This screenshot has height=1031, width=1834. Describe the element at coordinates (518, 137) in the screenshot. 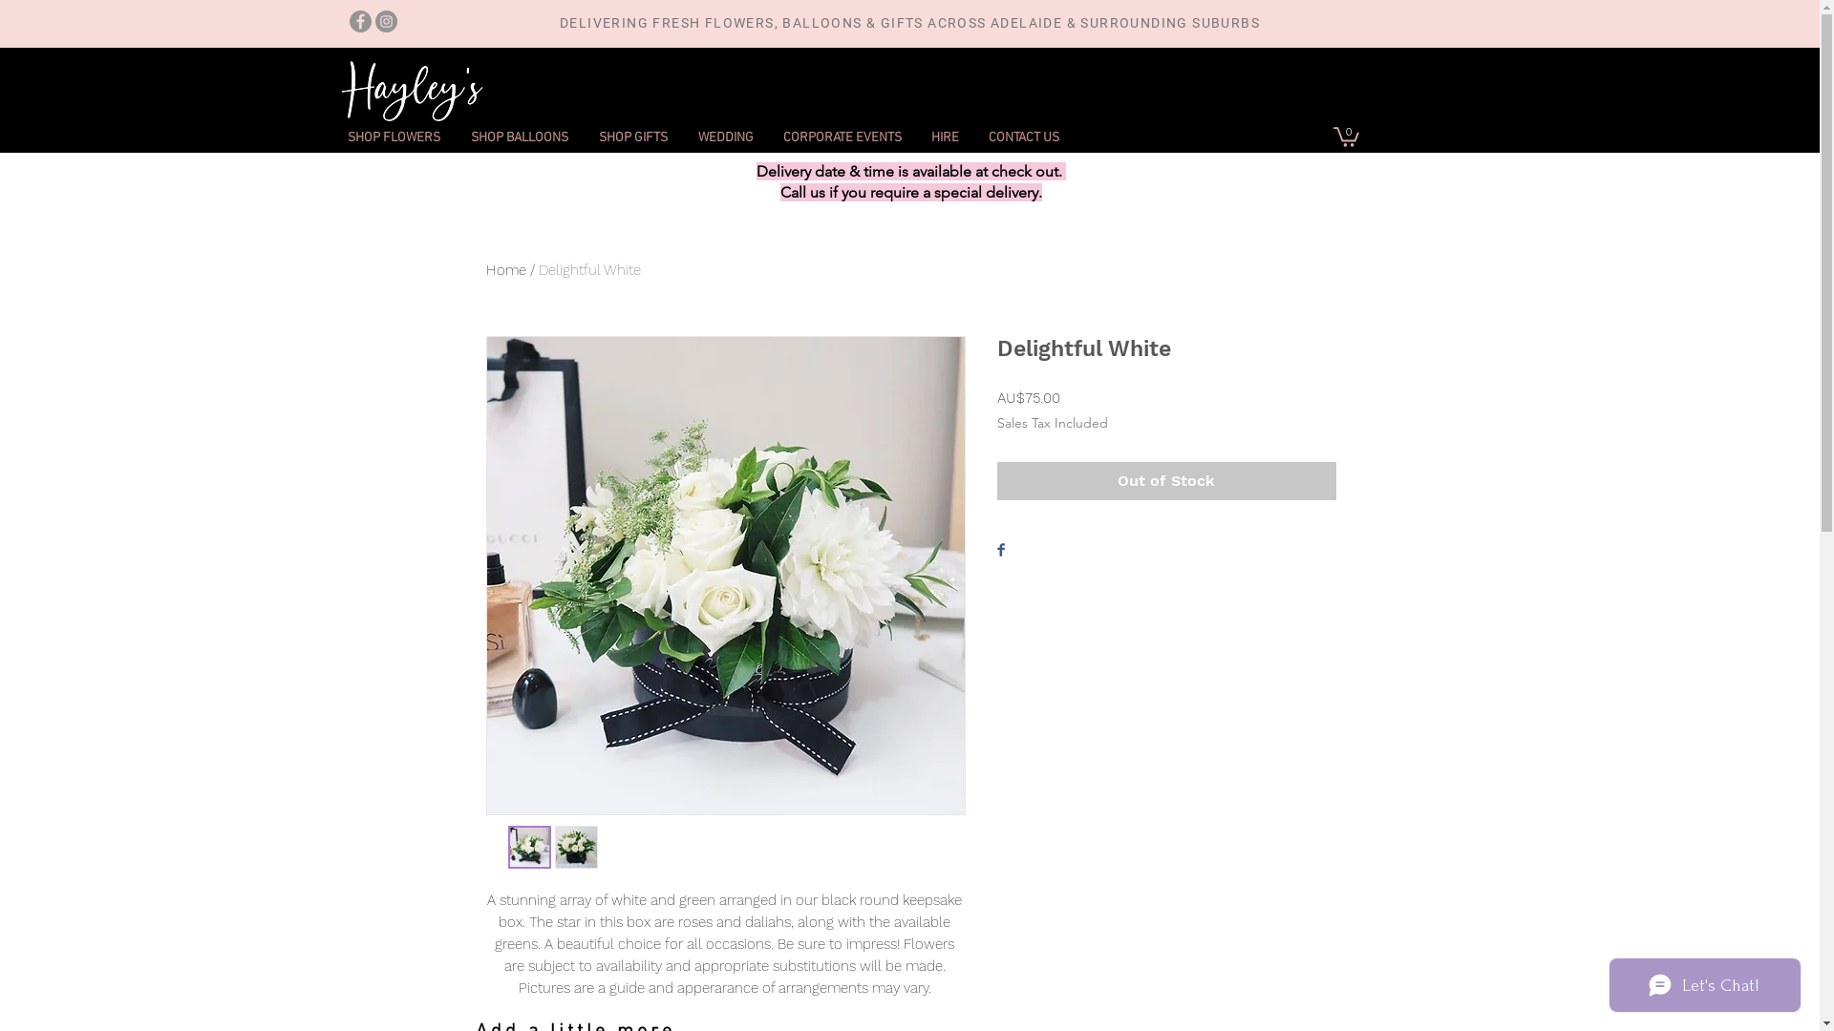

I see `'SHOP BALLOONS'` at that location.